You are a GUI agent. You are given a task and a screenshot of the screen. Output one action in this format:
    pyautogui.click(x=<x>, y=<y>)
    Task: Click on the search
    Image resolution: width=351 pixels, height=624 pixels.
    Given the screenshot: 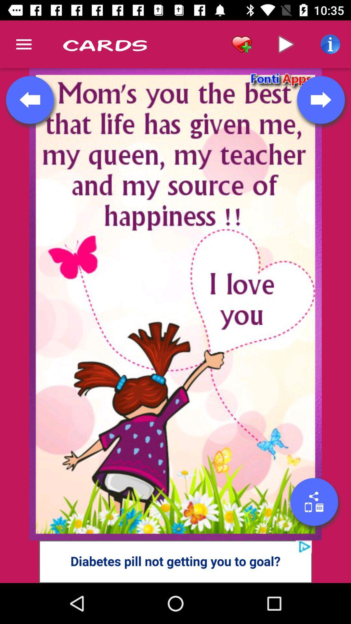 What is the action you would take?
    pyautogui.click(x=314, y=501)
    